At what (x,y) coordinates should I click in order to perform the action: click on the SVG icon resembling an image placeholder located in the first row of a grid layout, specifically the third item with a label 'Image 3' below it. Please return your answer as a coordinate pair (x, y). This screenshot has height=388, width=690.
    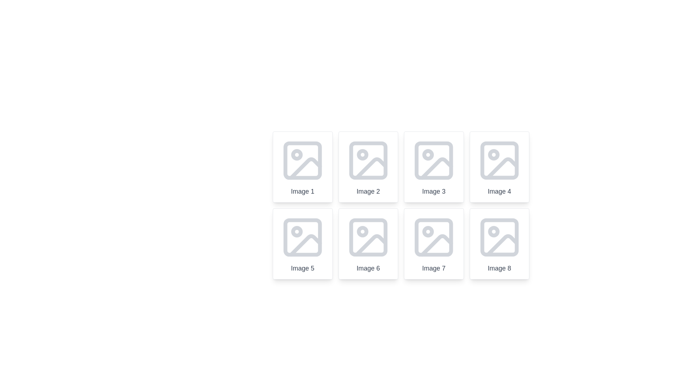
    Looking at the image, I should click on (433, 160).